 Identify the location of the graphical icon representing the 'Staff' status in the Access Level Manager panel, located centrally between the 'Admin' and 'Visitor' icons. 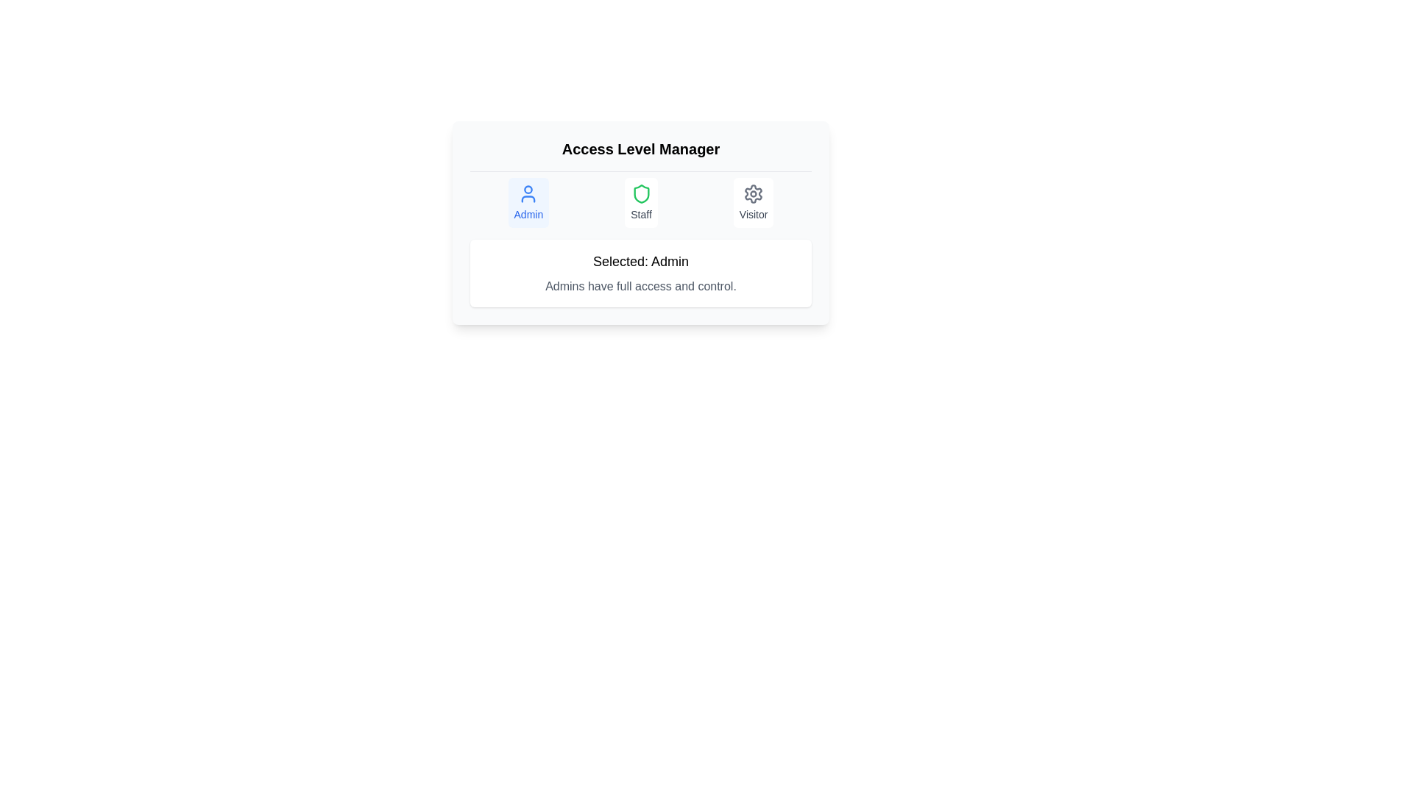
(641, 193).